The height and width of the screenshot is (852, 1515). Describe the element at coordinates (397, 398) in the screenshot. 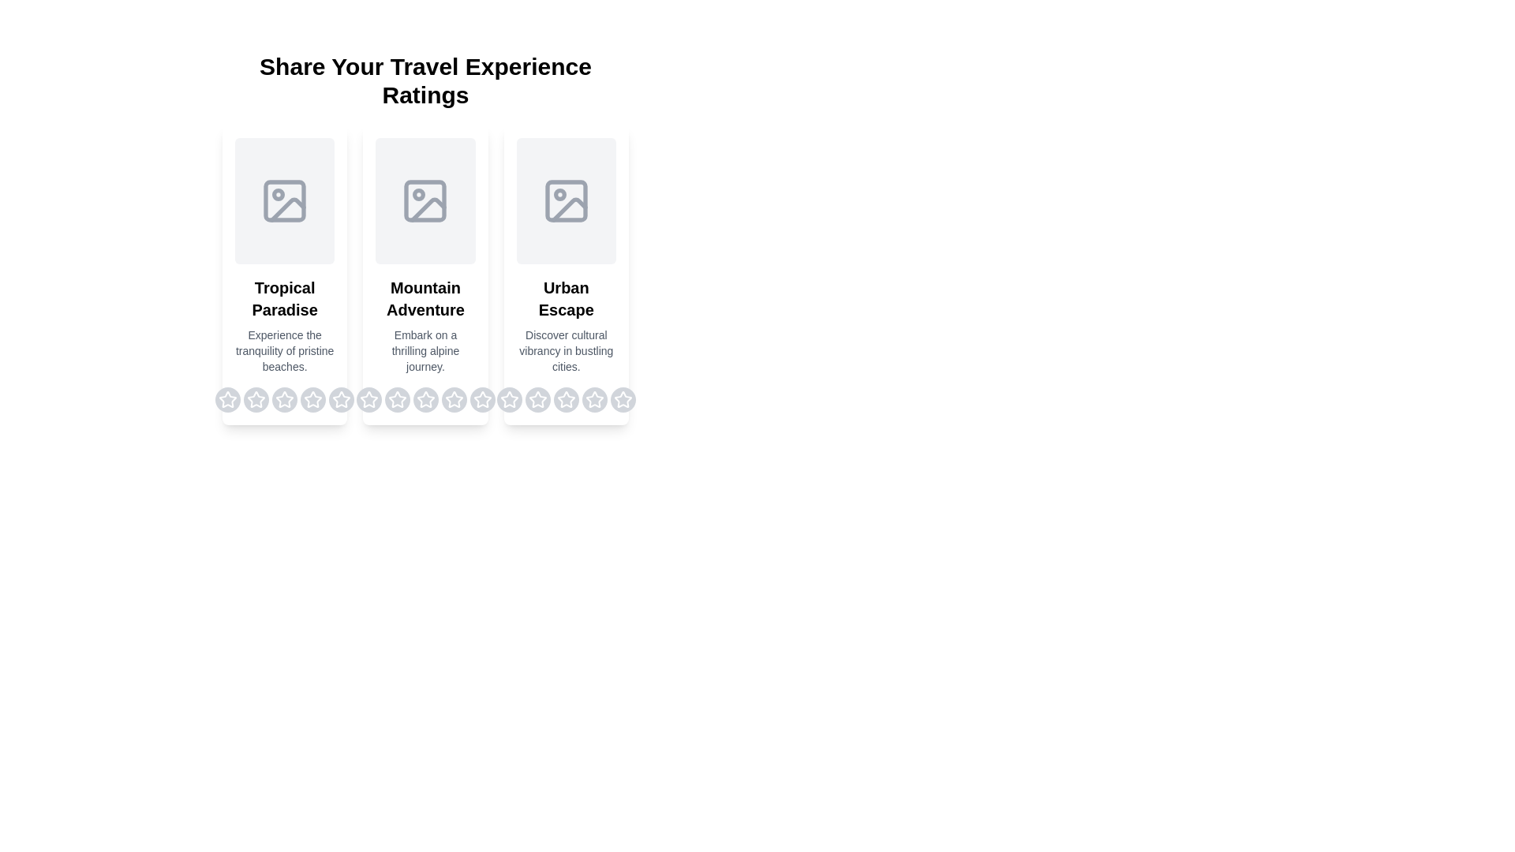

I see `the rating for a destination to 2 stars by clicking on the corresponding star for the destination Mountain Adventure` at that location.